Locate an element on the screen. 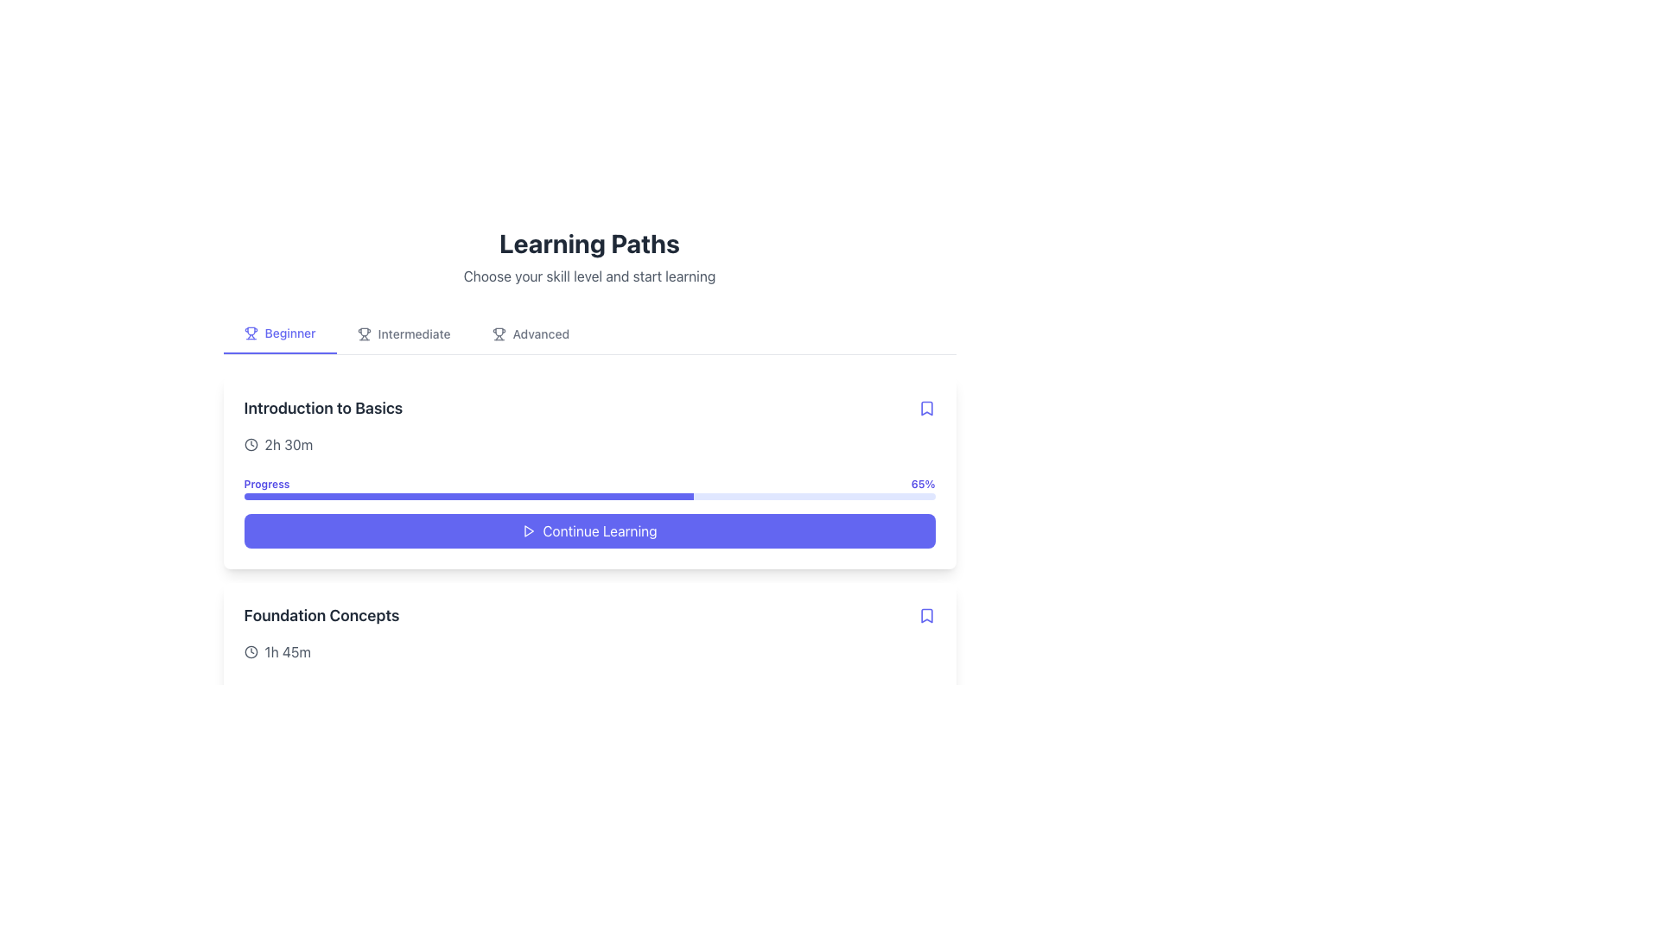  the indigo bookmark-shaped icon located in the top-right corner of the 'Foundation Concepts' topic card to bookmark the topic is located at coordinates (925, 615).